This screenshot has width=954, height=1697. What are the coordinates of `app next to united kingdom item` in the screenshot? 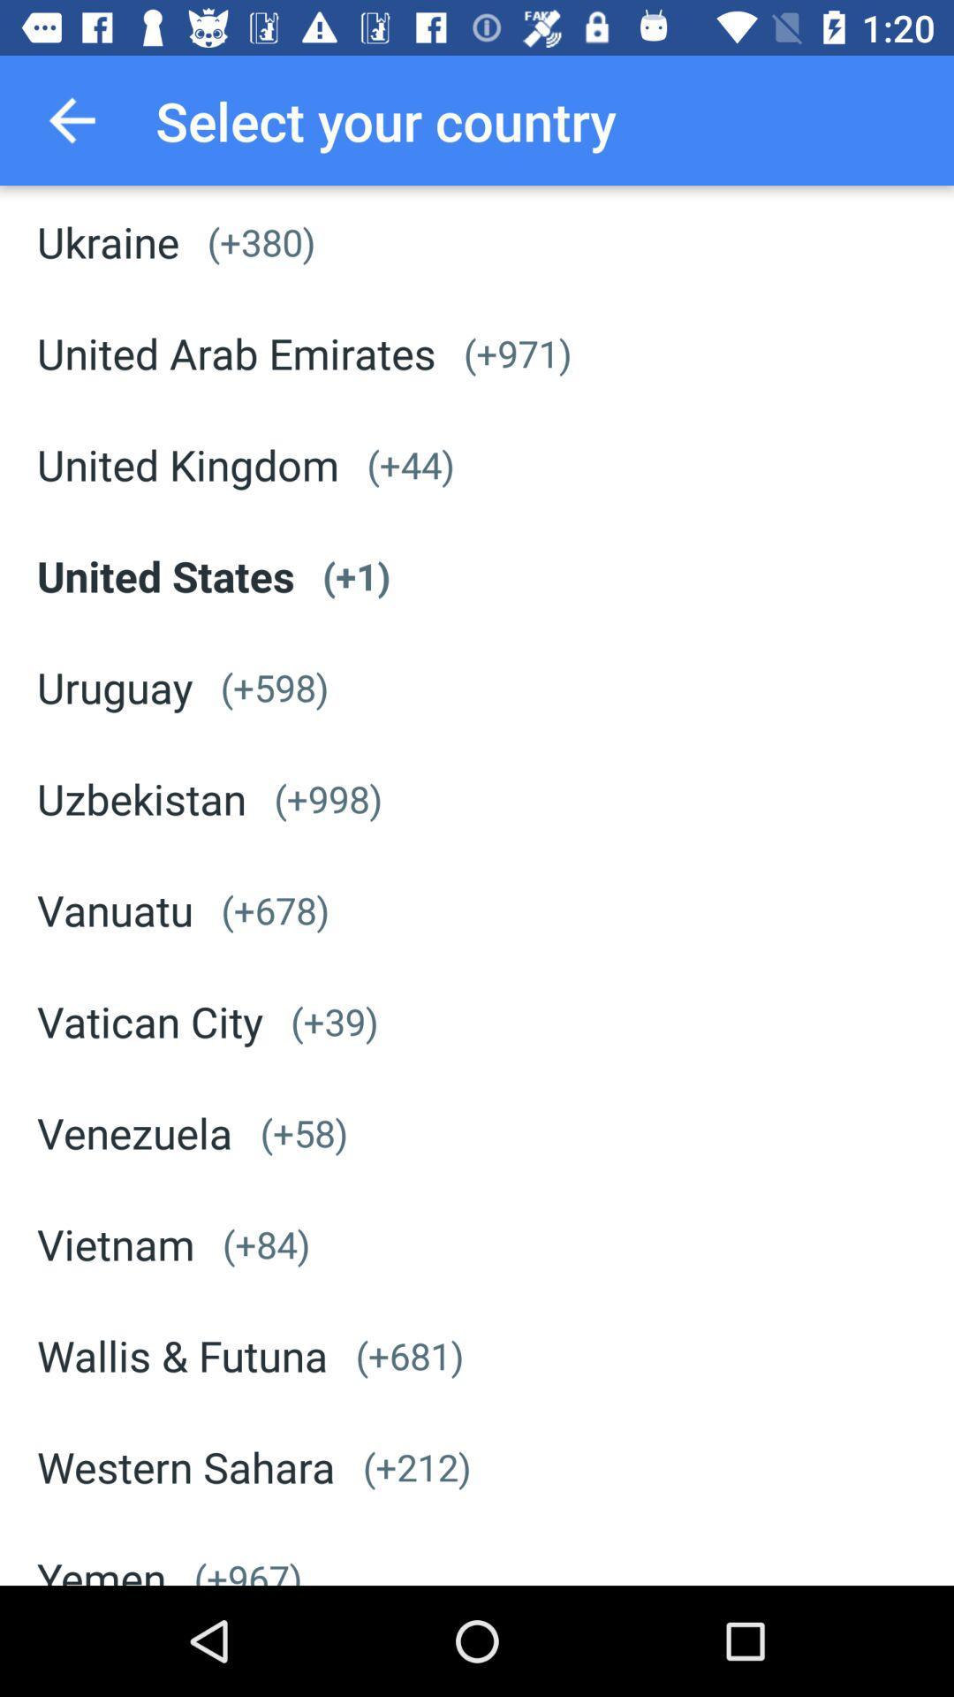 It's located at (411, 464).